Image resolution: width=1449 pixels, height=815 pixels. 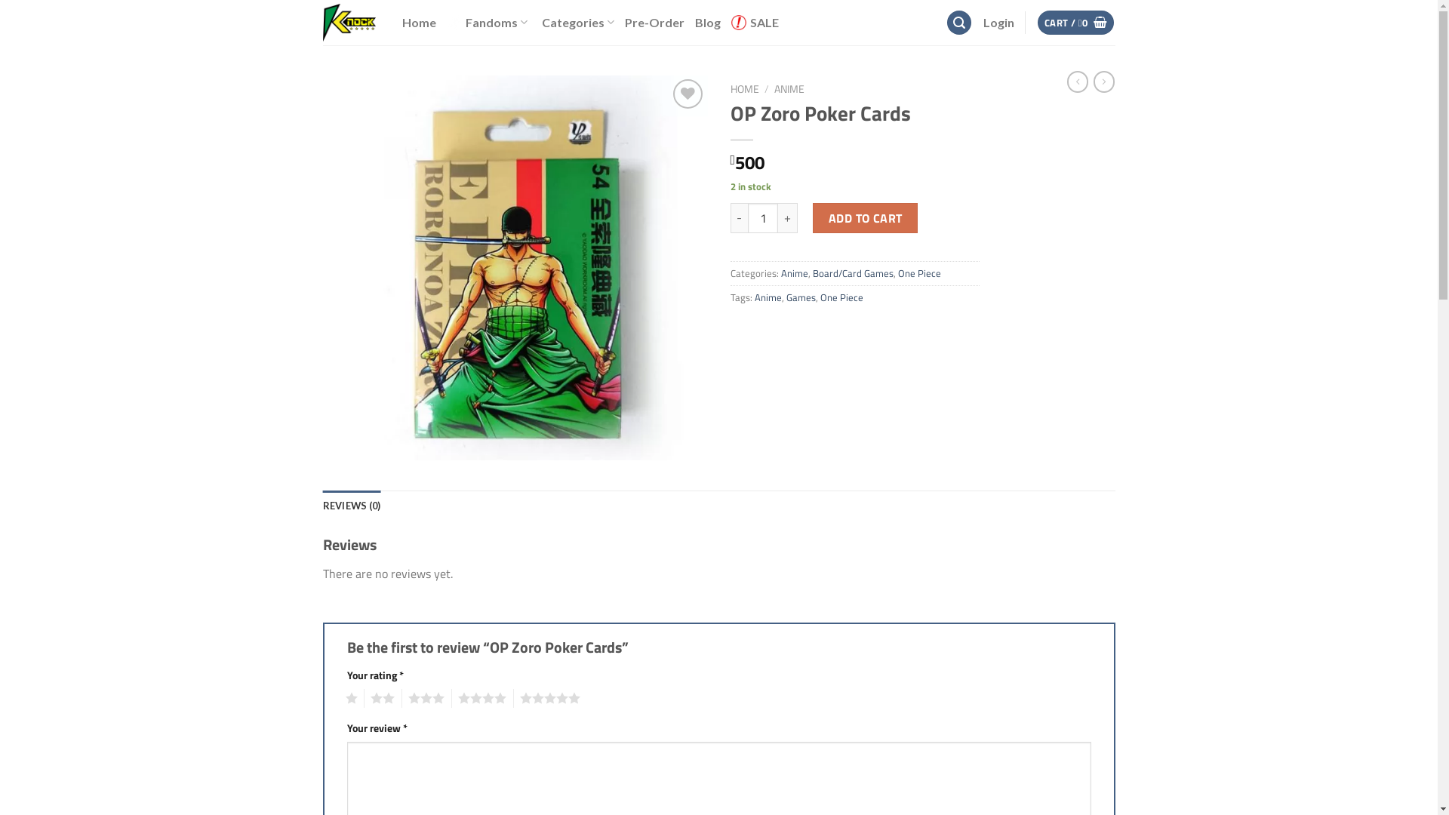 I want to click on 'Board/Card Games', so click(x=852, y=273).